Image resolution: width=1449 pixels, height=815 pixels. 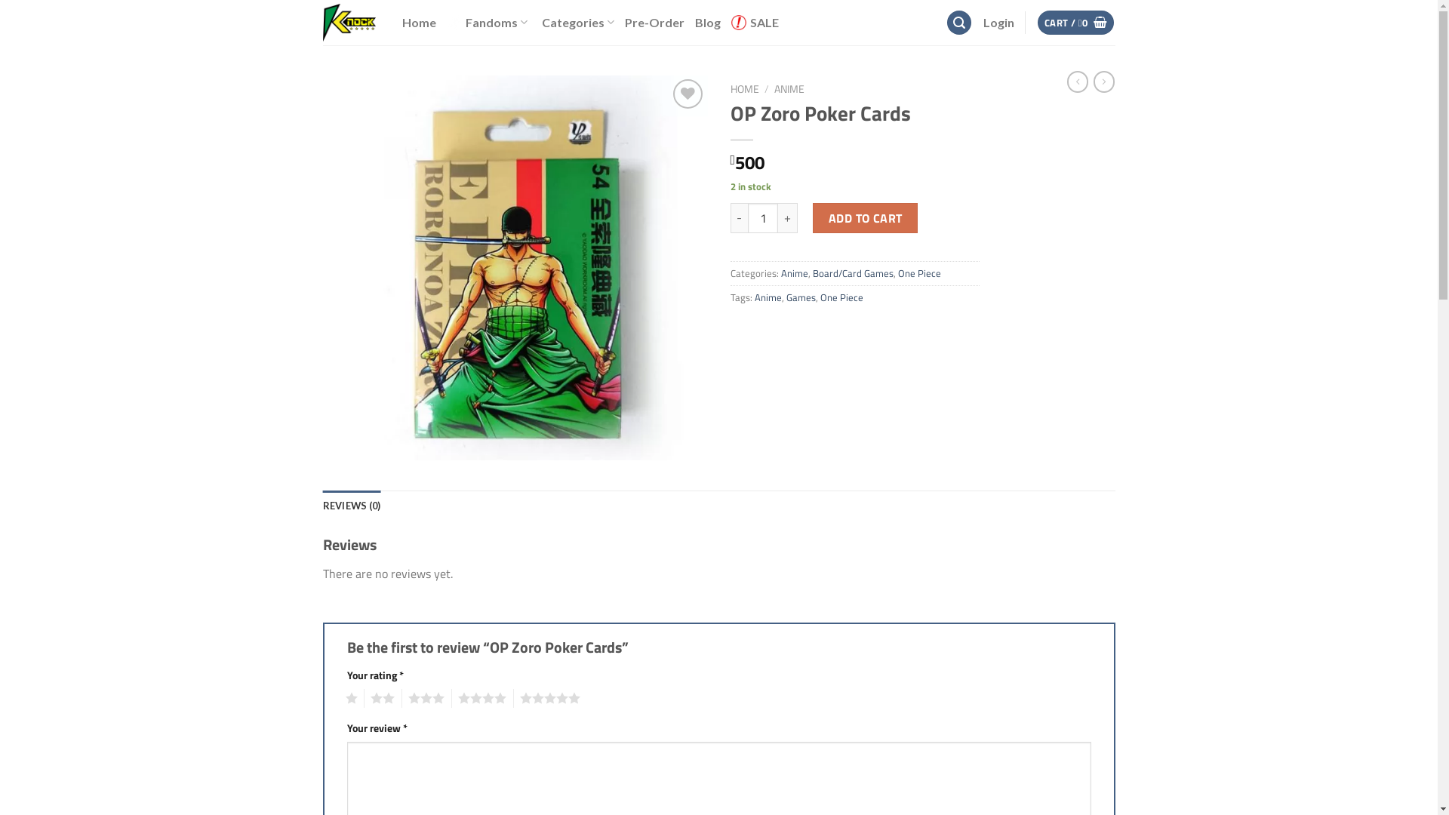 I want to click on 'Board/Card Games', so click(x=852, y=273).